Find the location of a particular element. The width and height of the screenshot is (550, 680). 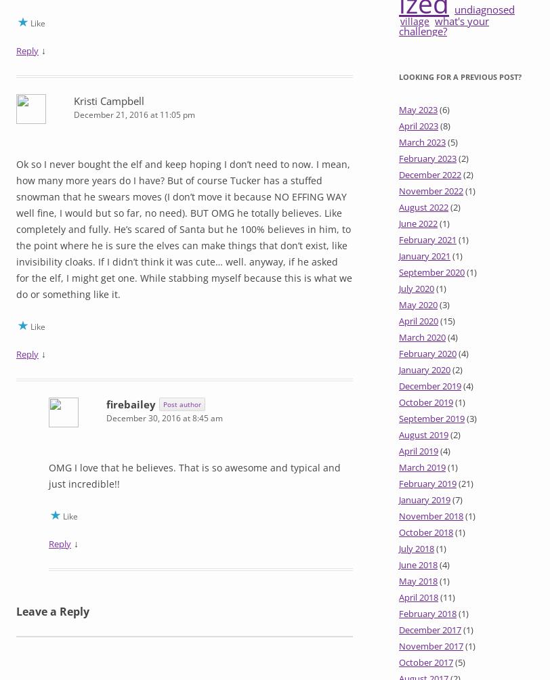

'March 2019' is located at coordinates (422, 467).